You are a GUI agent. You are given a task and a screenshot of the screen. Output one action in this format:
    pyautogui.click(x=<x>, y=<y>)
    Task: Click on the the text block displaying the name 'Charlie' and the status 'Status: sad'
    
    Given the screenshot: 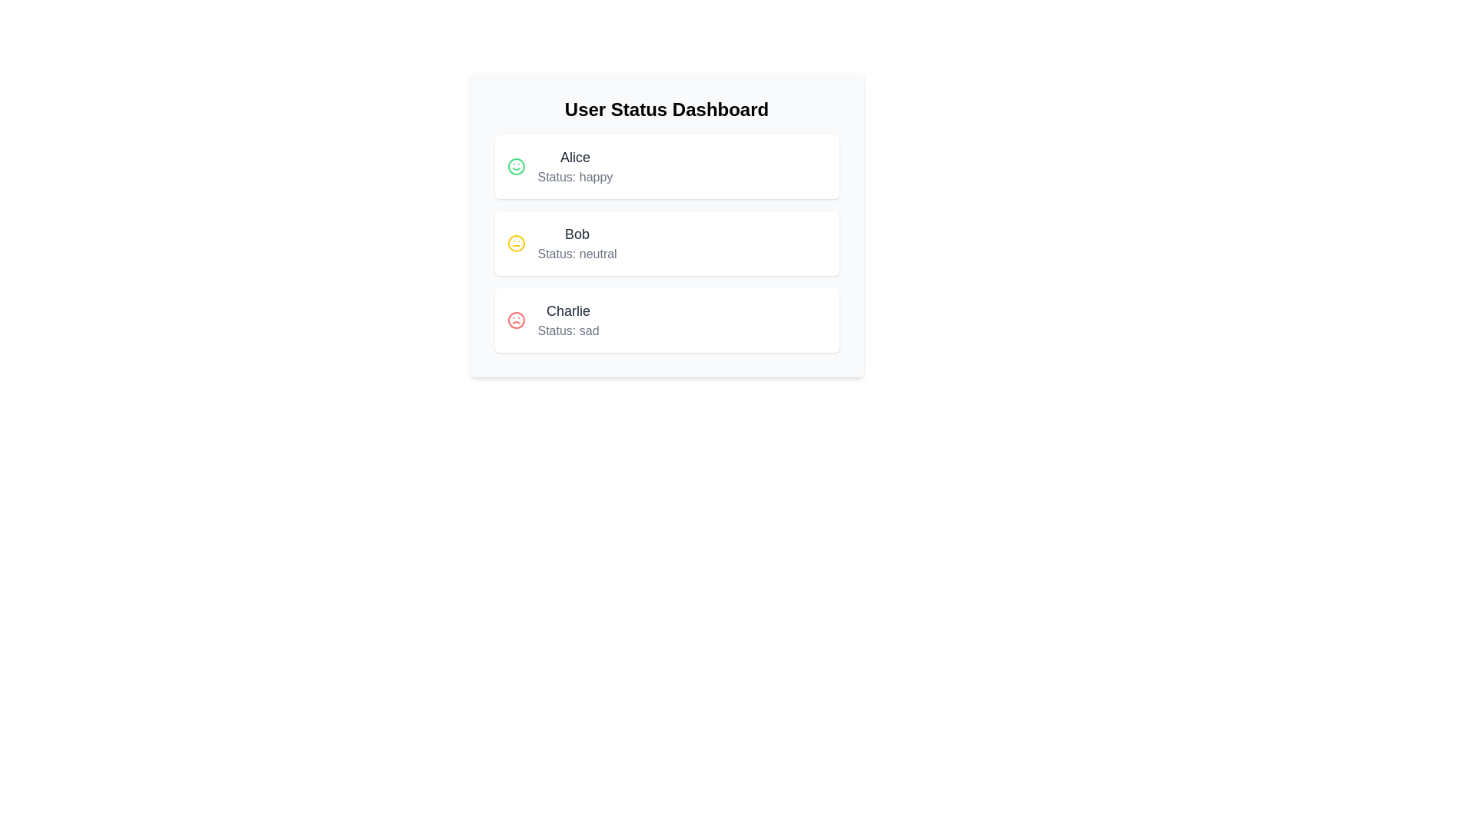 What is the action you would take?
    pyautogui.click(x=567, y=319)
    